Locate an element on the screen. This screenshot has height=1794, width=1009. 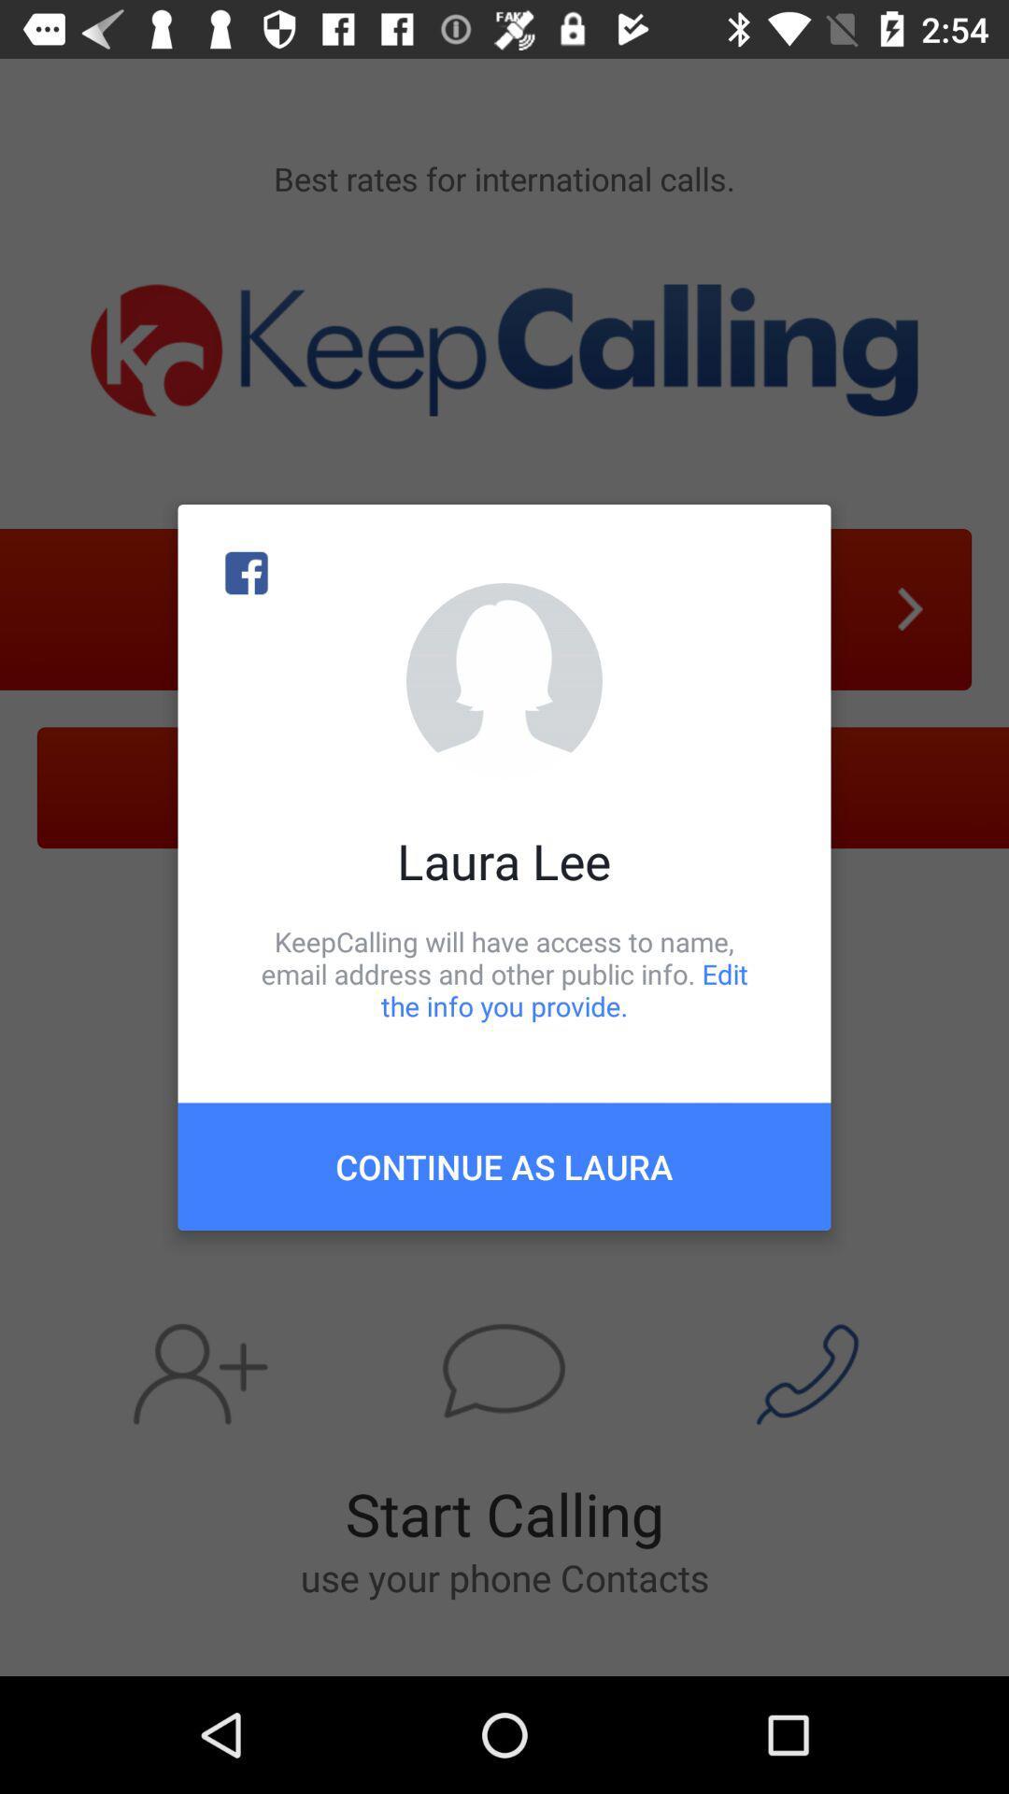
the item below laura lee item is located at coordinates (504, 973).